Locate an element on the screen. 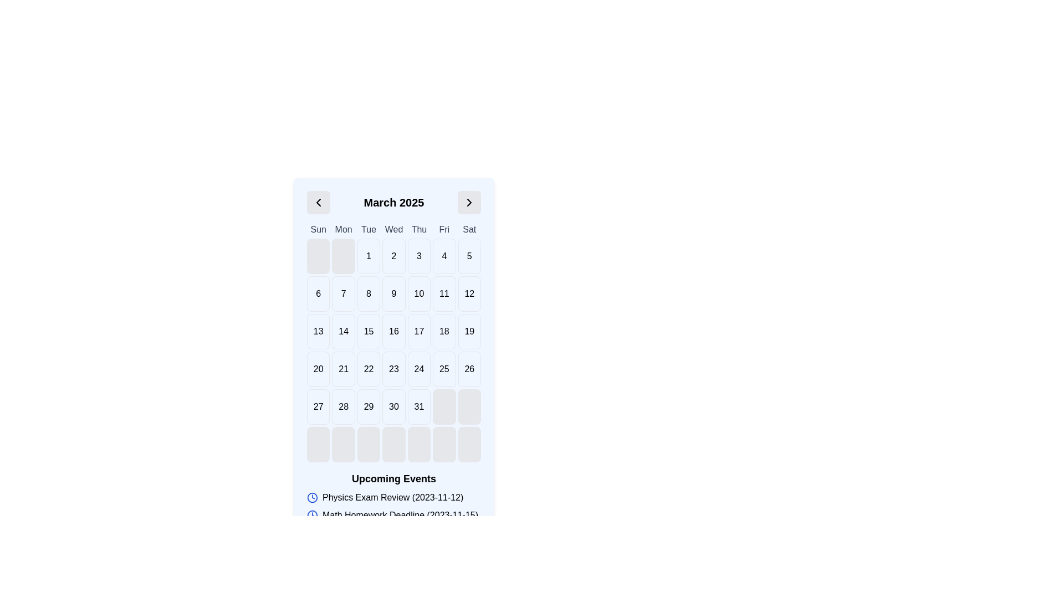 This screenshot has height=598, width=1064. the first day of the month tile in the calendar view located under the 'Tue' header is located at coordinates (369, 256).